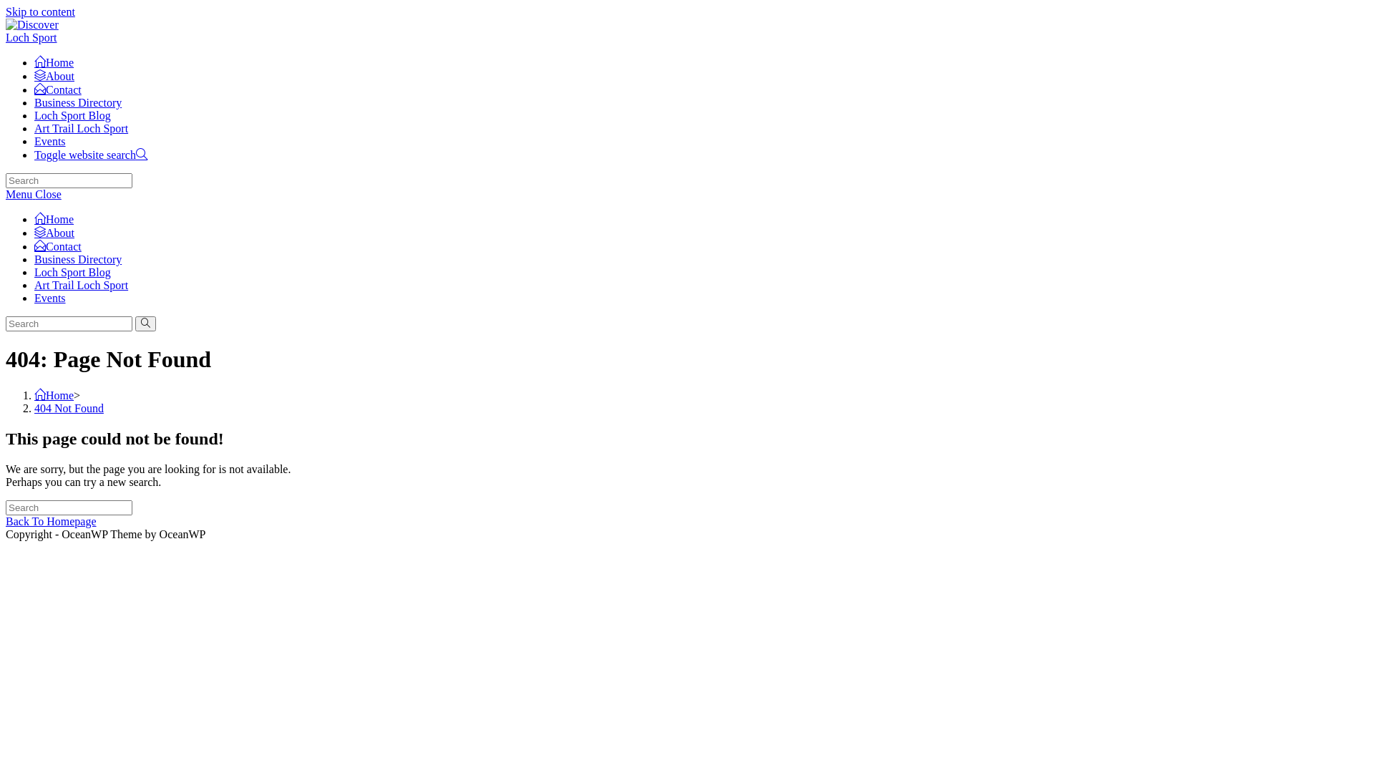  I want to click on 'Events', so click(50, 297).